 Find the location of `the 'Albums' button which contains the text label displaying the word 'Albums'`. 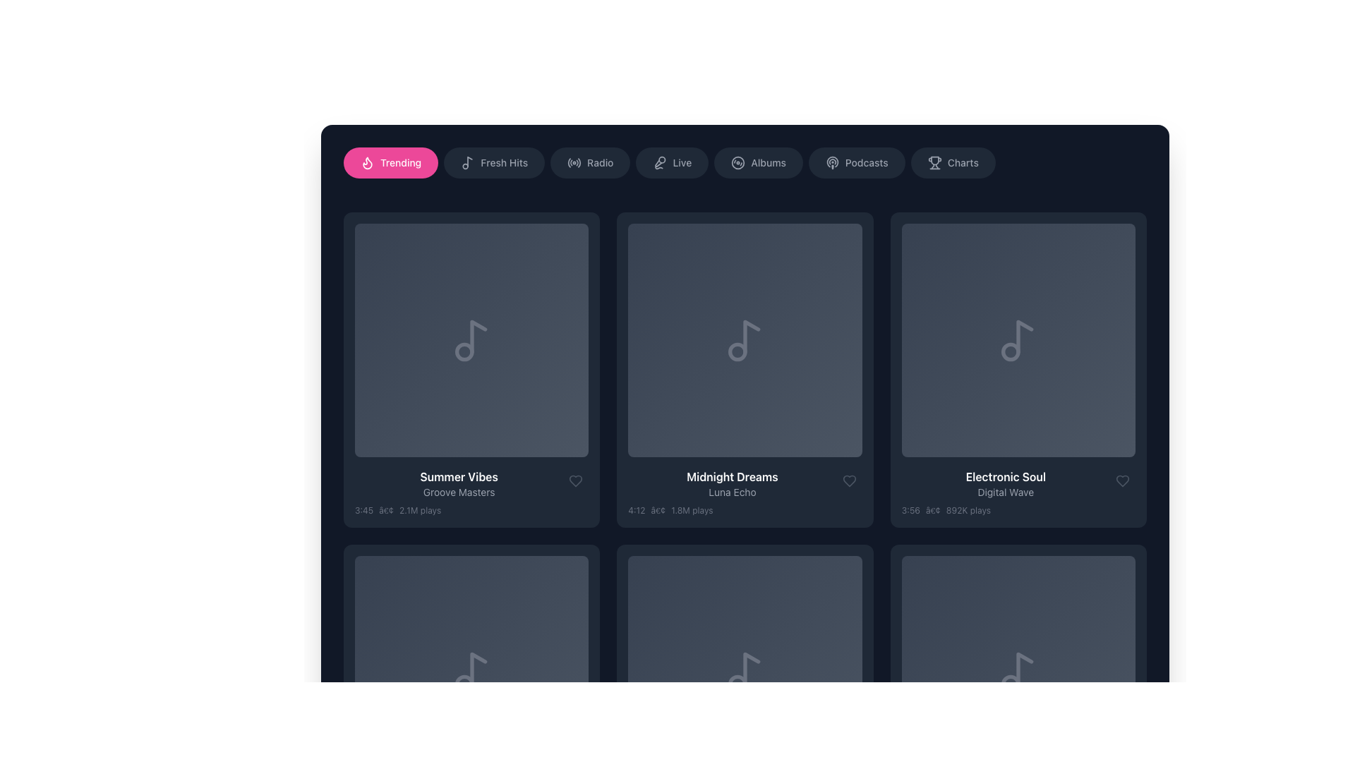

the 'Albums' button which contains the text label displaying the word 'Albums' is located at coordinates (768, 162).